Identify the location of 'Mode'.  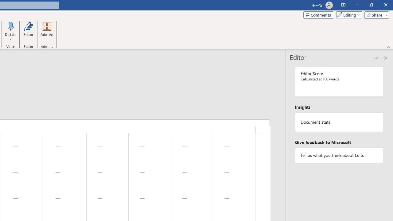
(348, 14).